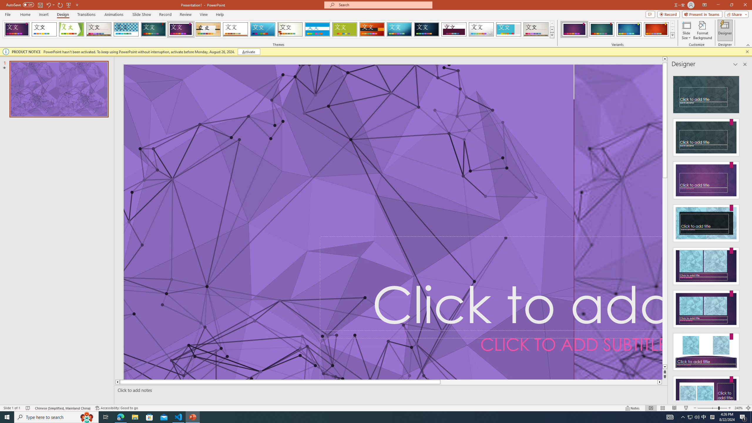  Describe the element at coordinates (399, 29) in the screenshot. I see `'Circuit'` at that location.